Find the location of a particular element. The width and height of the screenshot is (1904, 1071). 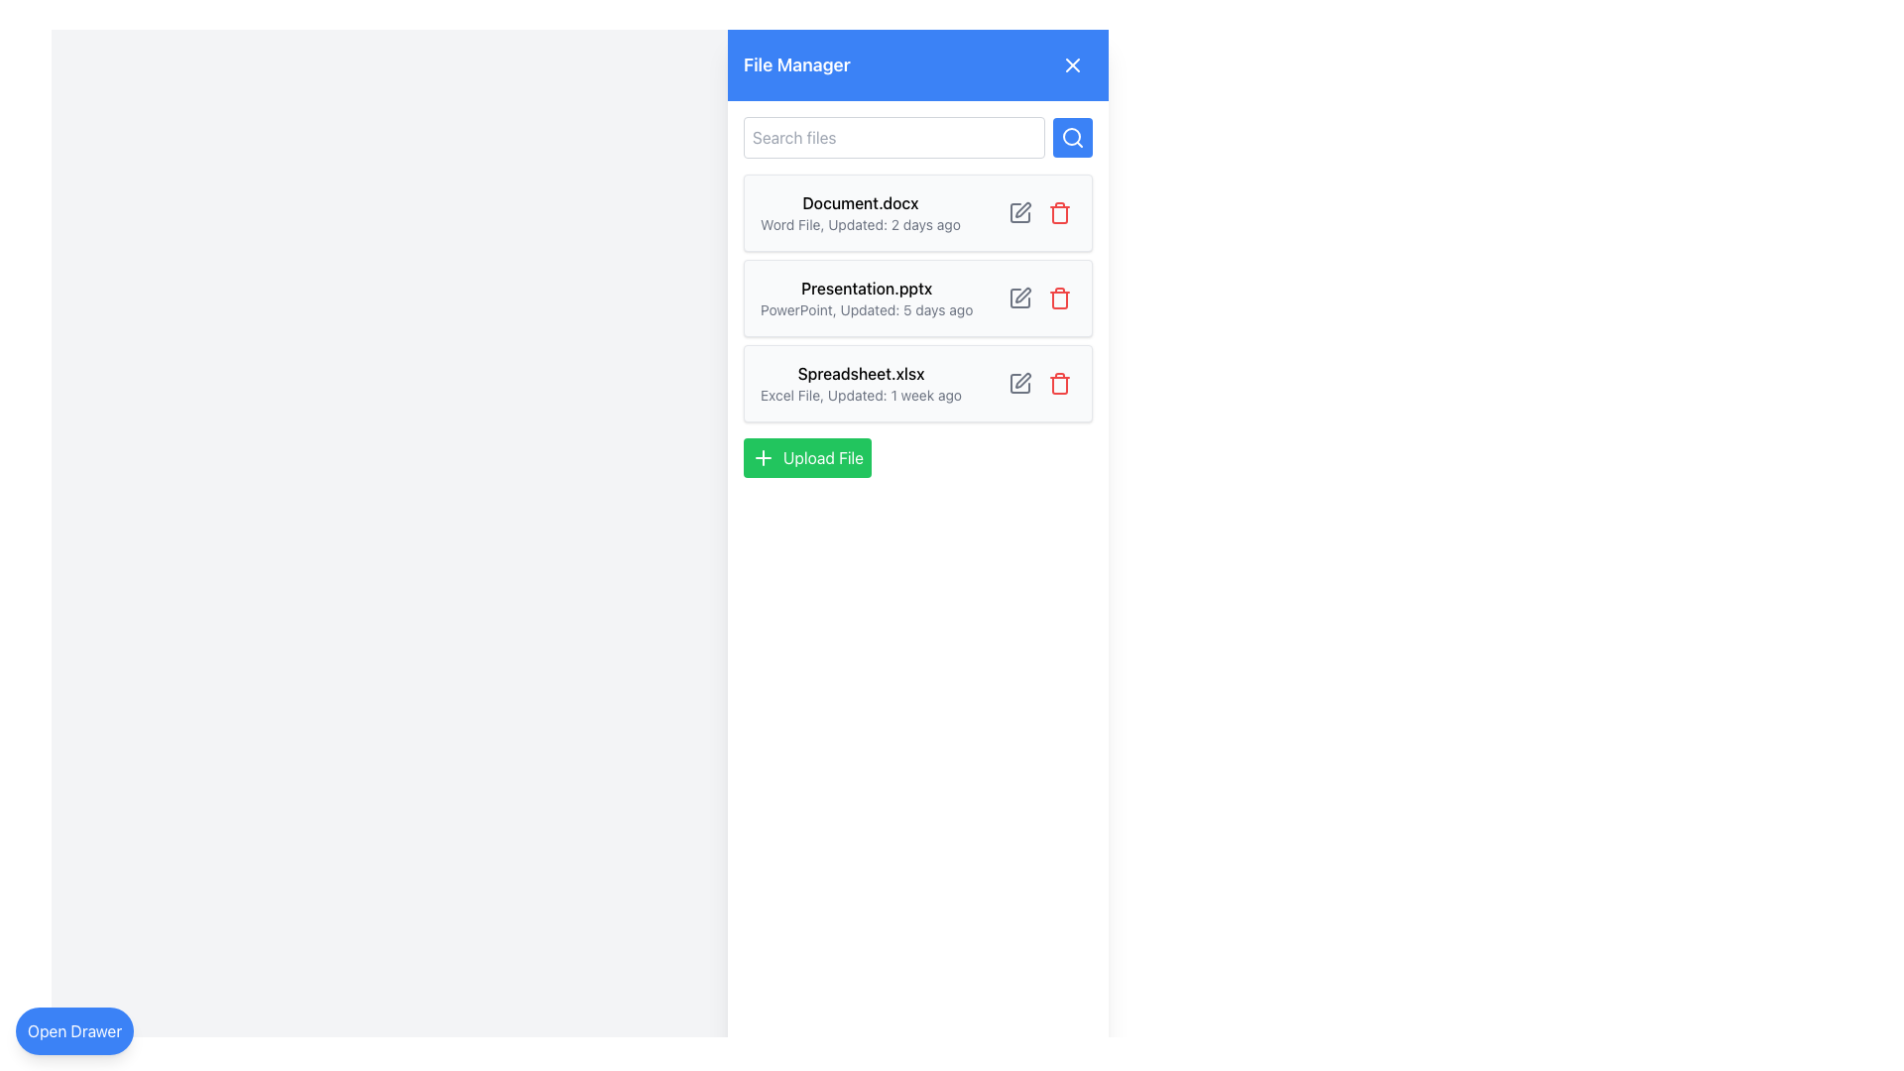

metadata displayed in the text label that indicates the file type ('Word File') and the last update time ('Updated: 2 days ago'), located below the title 'Document.docx' in the File Manager interface is located at coordinates (861, 224).